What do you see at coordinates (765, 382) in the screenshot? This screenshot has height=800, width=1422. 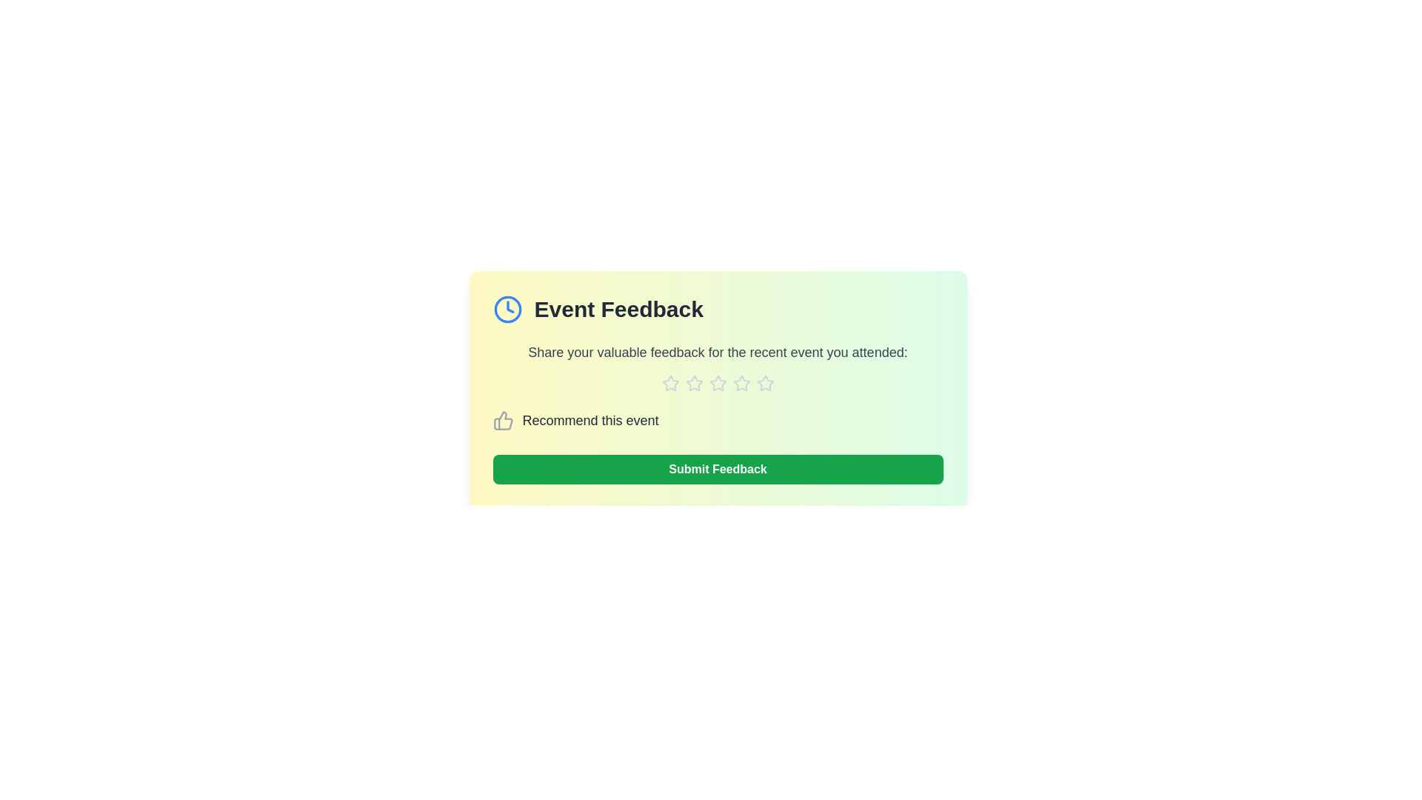 I see `the star corresponding to 5 to assign a rating` at bounding box center [765, 382].